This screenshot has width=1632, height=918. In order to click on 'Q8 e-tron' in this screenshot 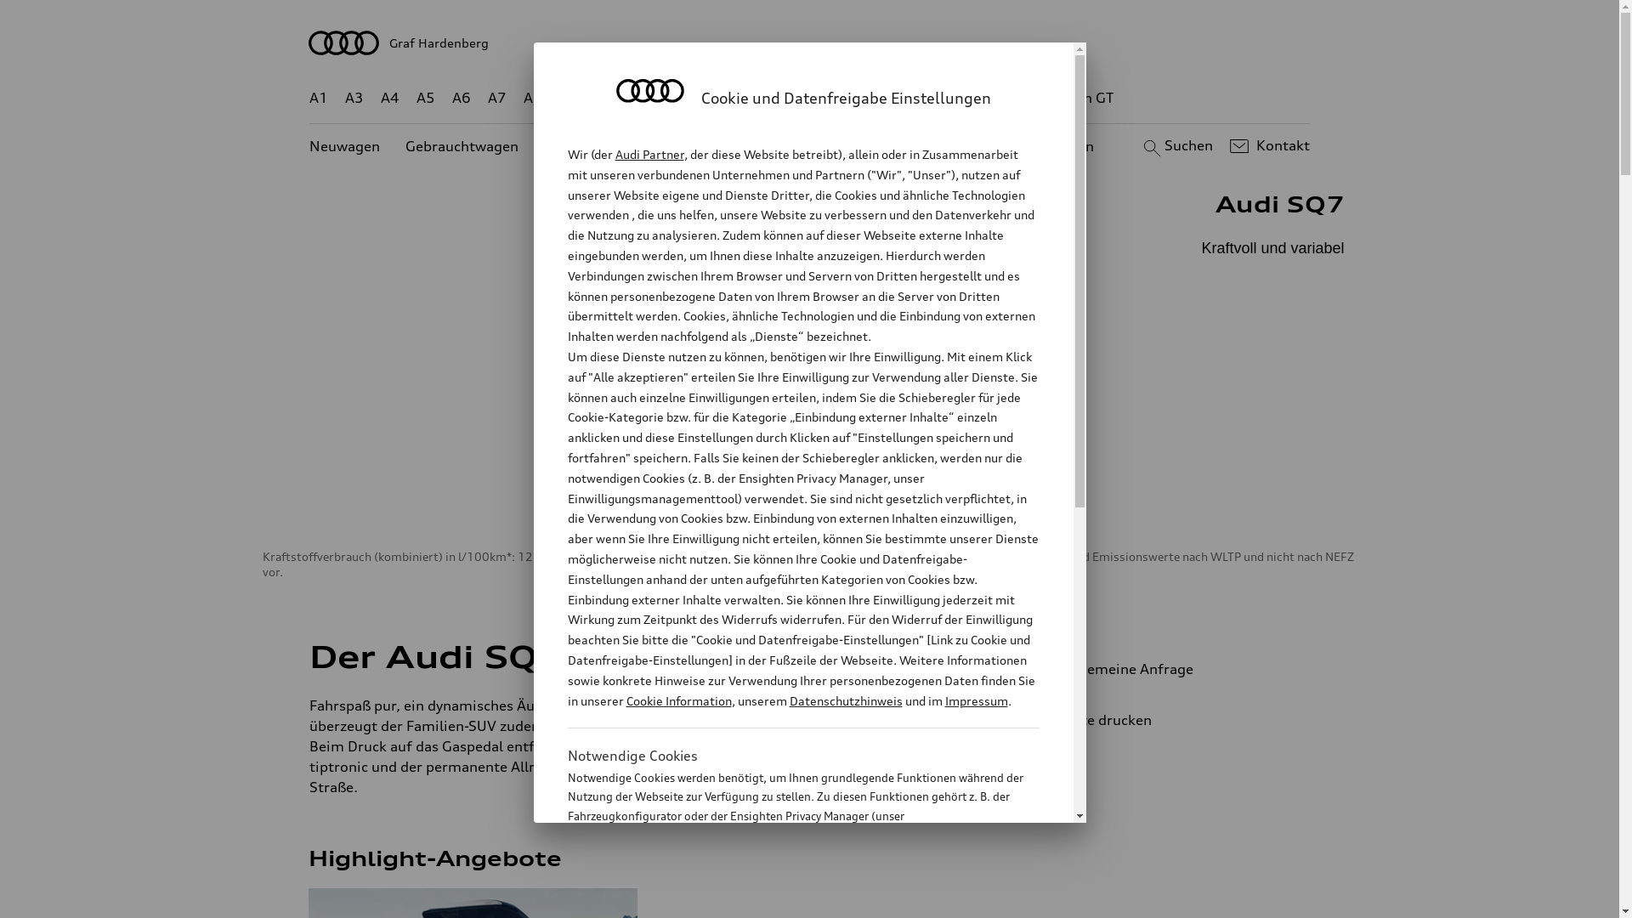, I will do `click(856, 98)`.